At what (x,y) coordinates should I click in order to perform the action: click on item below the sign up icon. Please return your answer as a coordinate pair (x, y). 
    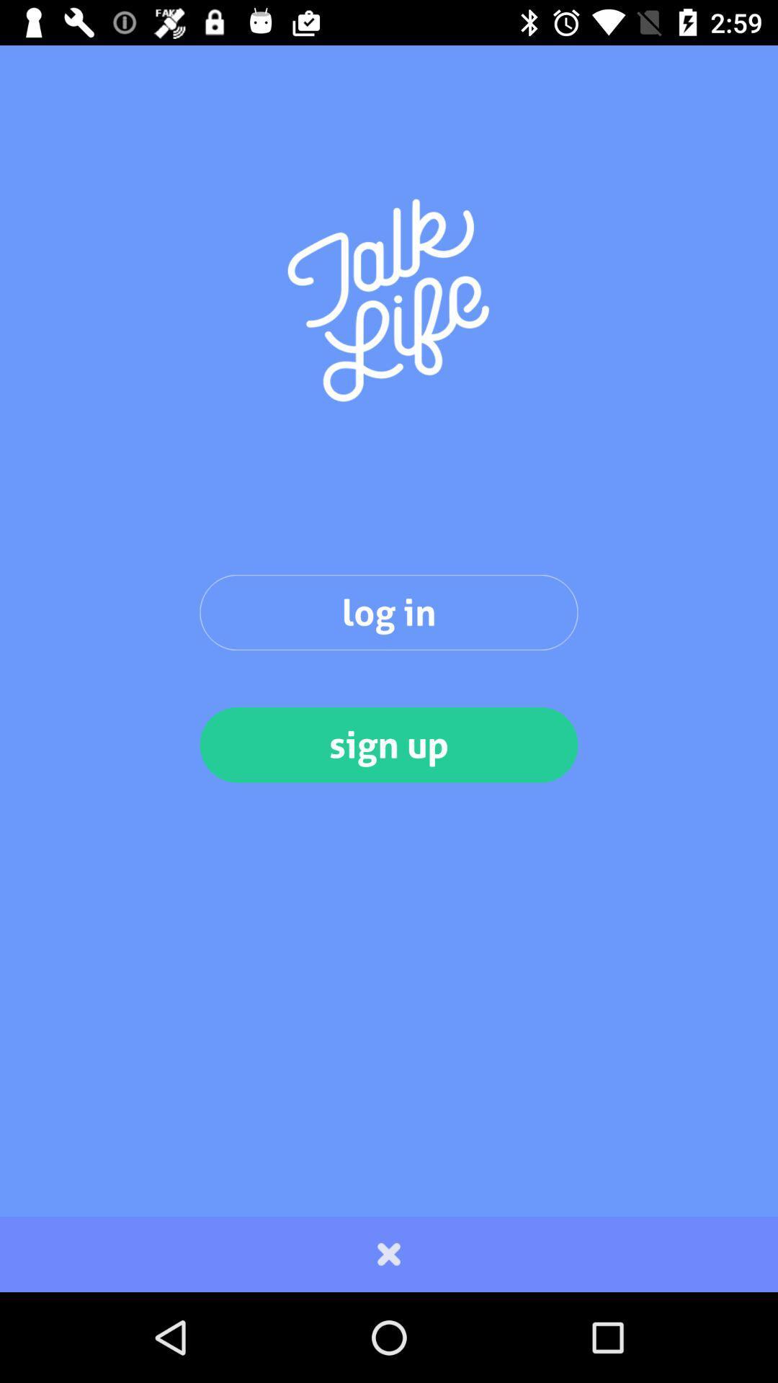
    Looking at the image, I should click on (389, 1253).